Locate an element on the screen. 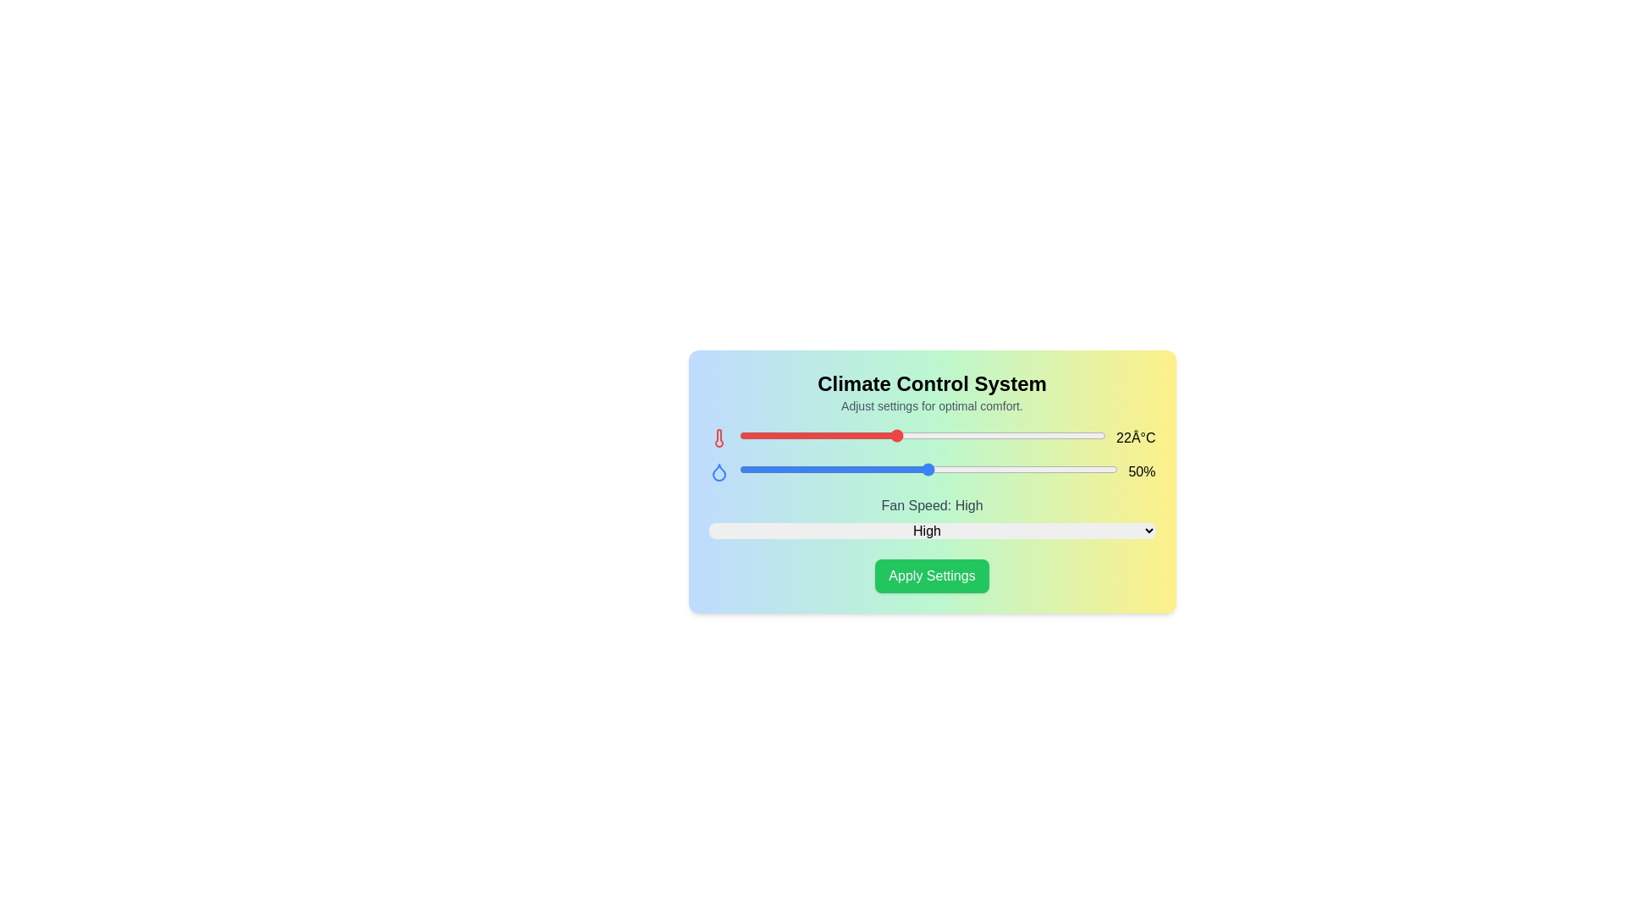  the humidity slider to 41% is located at coordinates (843, 470).